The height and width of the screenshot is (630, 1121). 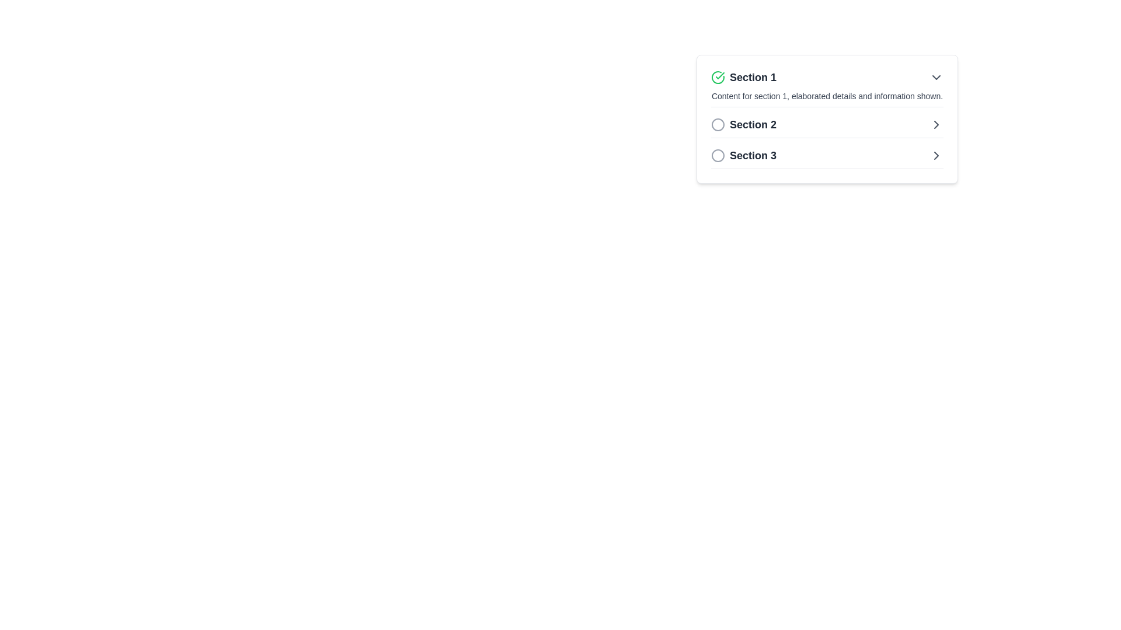 I want to click on the icon located at the far right of the 'Section 3' row, so click(x=936, y=155).